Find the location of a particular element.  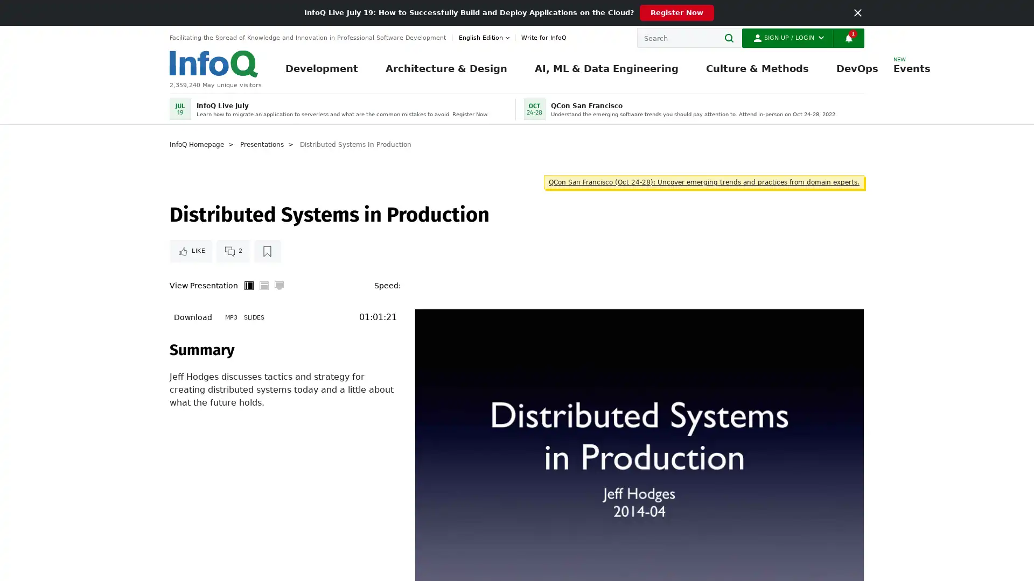

Write for InfoQ is located at coordinates (541, 37).